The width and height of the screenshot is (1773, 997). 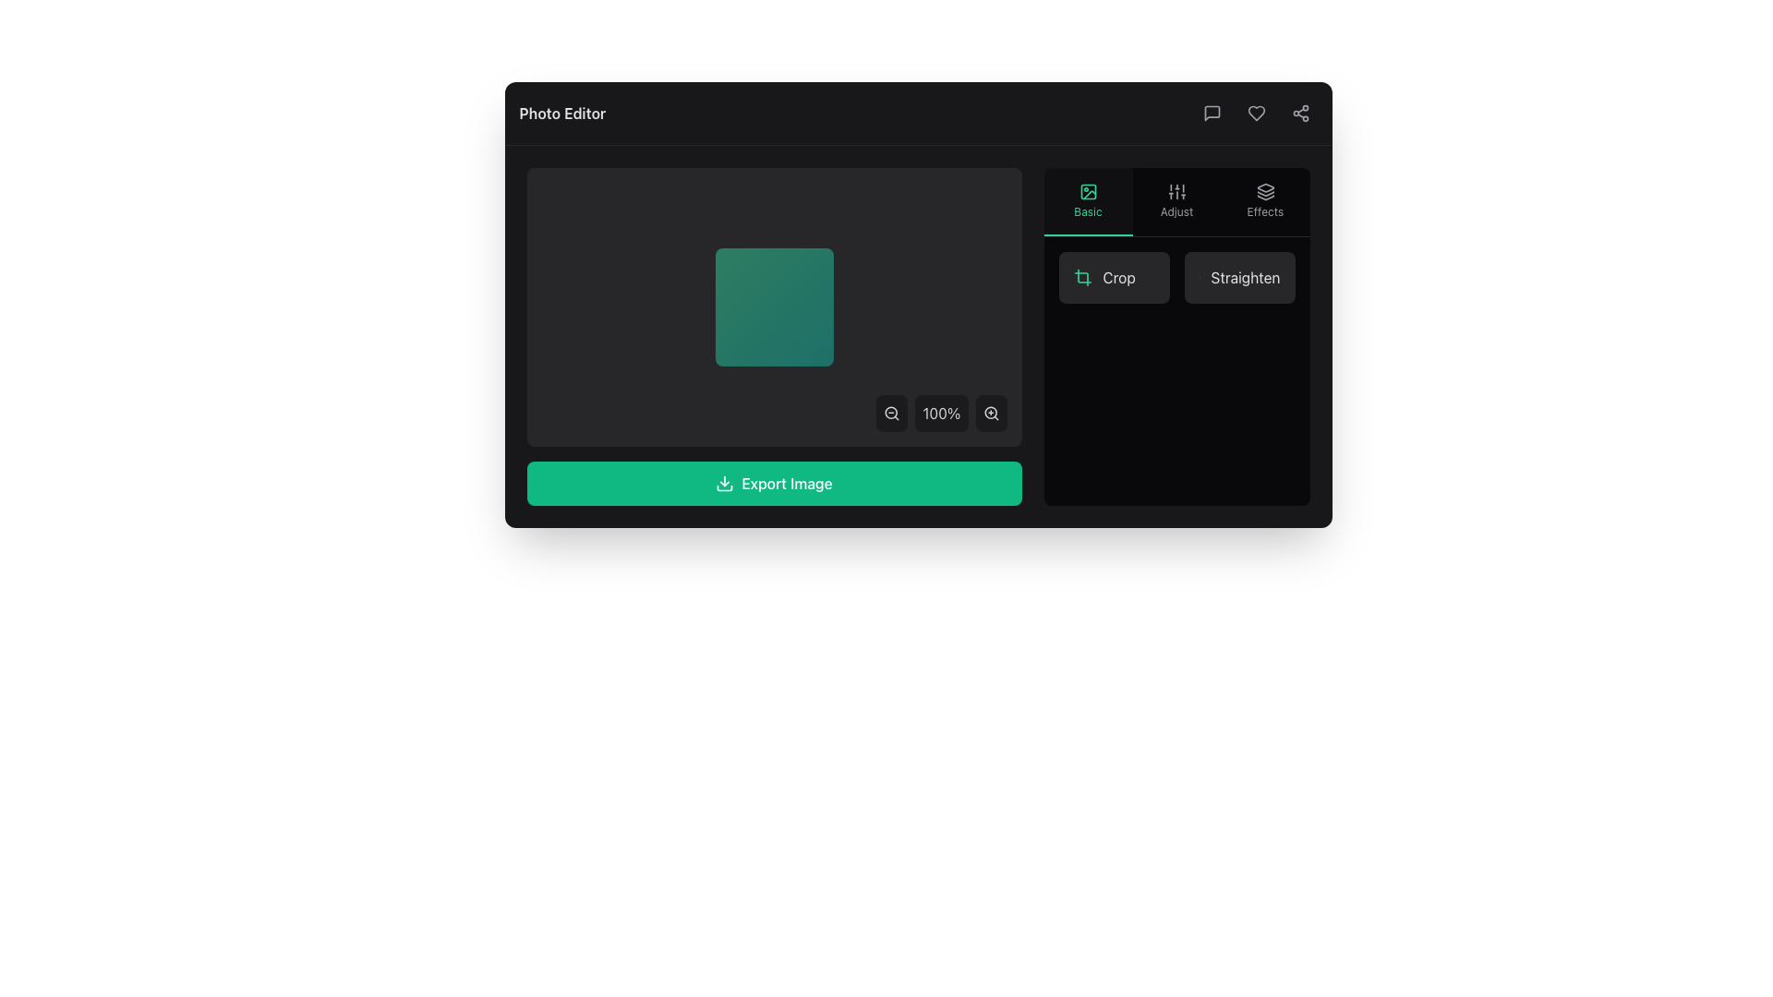 What do you see at coordinates (1264, 211) in the screenshot?
I see `the 'Effects' text label in the upper-right area of the editing toolbar` at bounding box center [1264, 211].